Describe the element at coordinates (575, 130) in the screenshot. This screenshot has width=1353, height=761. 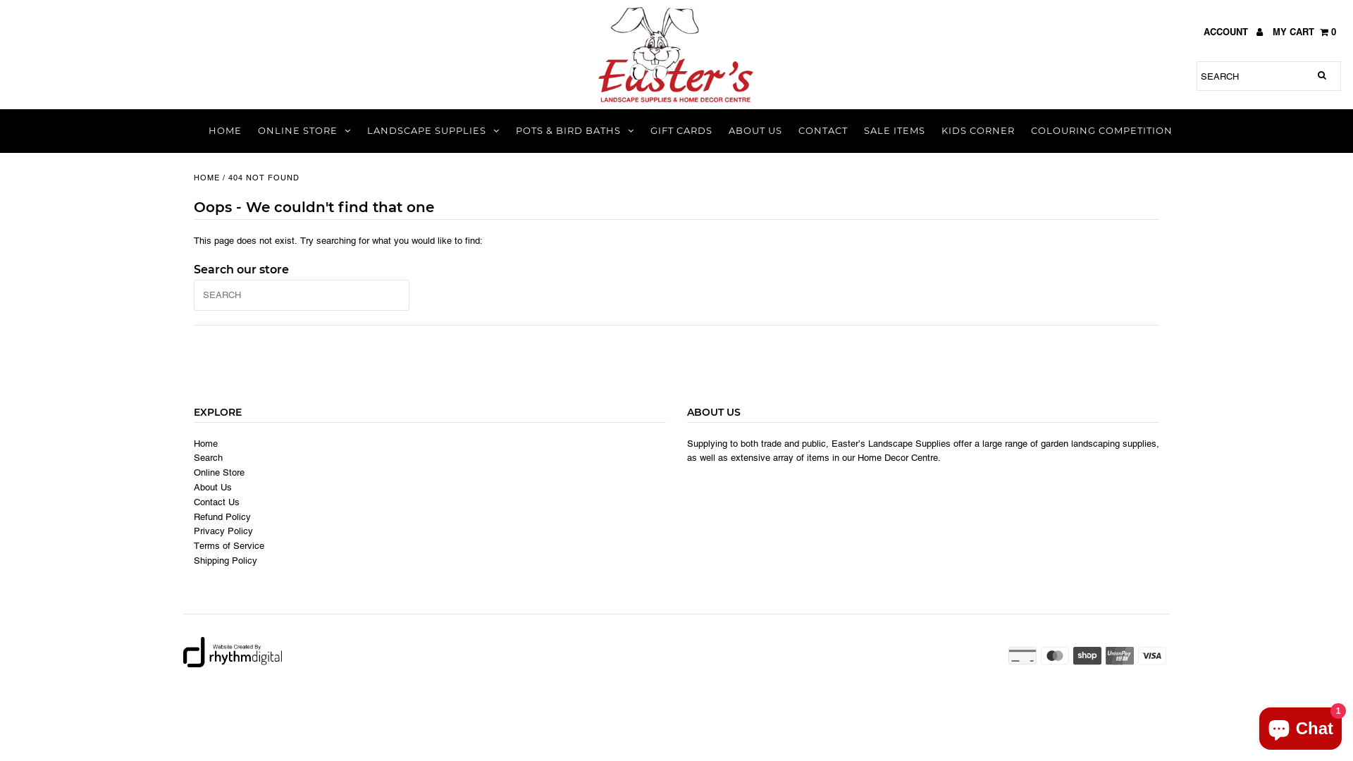
I see `'POTS & BIRD BATHS'` at that location.